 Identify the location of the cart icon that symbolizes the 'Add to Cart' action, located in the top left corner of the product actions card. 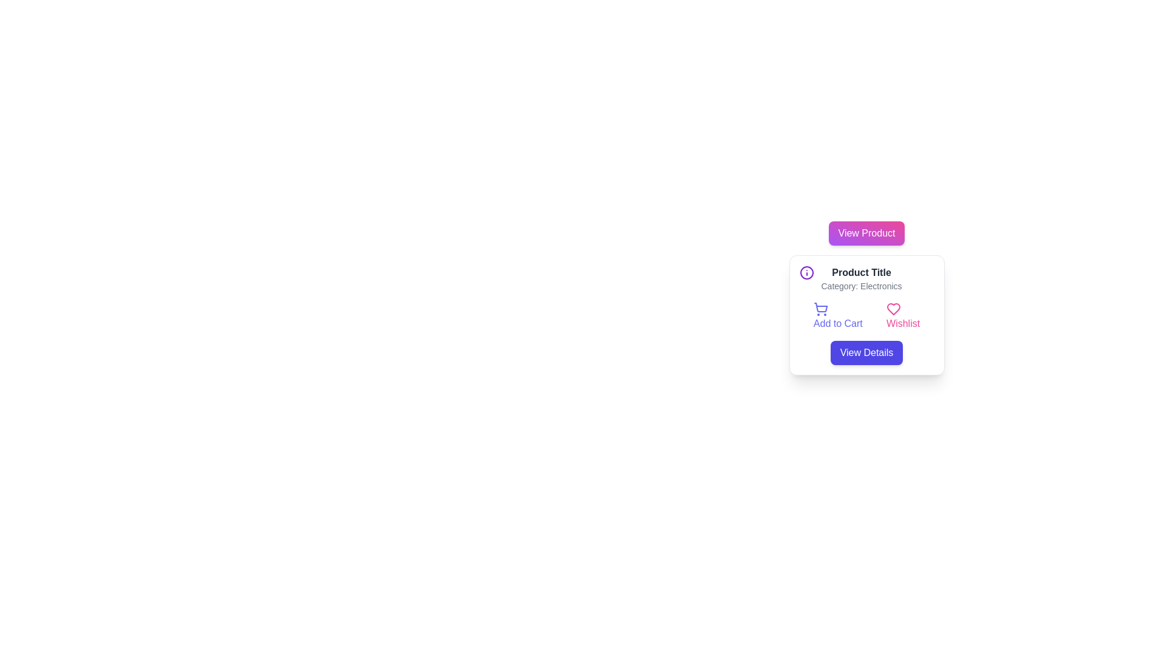
(820, 308).